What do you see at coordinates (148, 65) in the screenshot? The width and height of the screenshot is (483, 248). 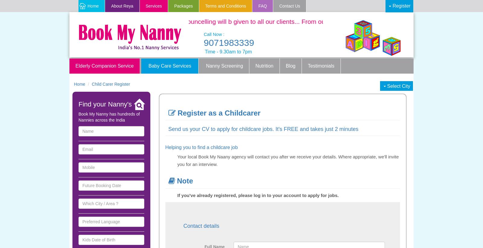 I see `'Baby Care Services'` at bounding box center [148, 65].